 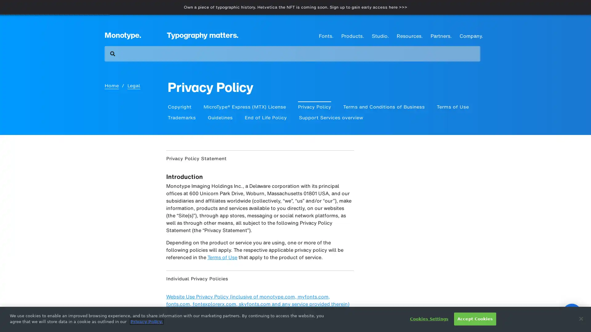 What do you see at coordinates (428, 318) in the screenshot?
I see `Cookies Settings` at bounding box center [428, 318].